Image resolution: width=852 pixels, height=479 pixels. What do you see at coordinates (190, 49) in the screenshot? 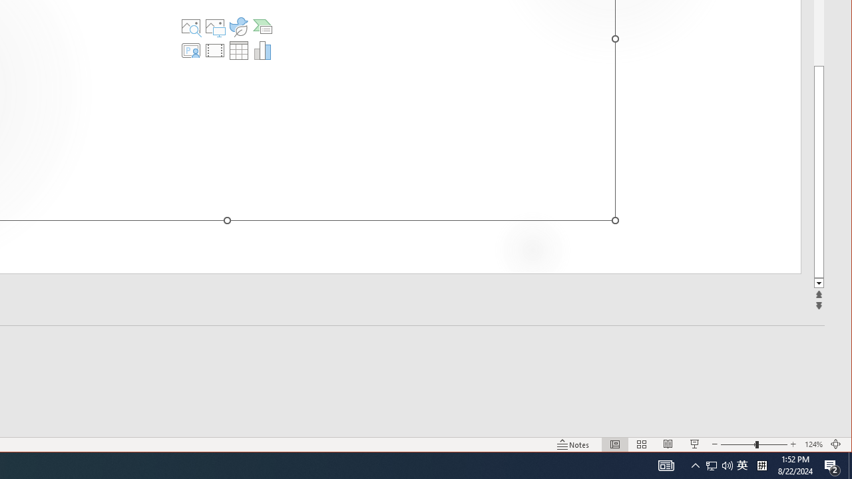
I see `'Insert Cameo'` at bounding box center [190, 49].